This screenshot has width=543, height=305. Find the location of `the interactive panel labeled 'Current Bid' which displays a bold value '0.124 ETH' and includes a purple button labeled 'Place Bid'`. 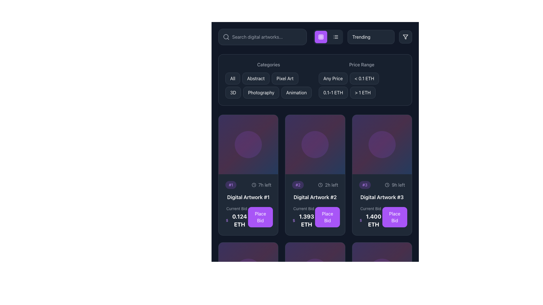

the interactive panel labeled 'Current Bid' which displays a bold value '0.124 ETH' and includes a purple button labeled 'Place Bid' is located at coordinates (248, 217).